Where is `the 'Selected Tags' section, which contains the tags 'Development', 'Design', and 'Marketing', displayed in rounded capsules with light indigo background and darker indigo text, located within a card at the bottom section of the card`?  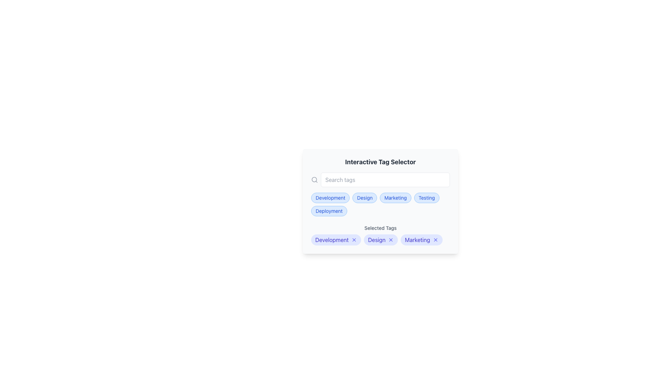
the 'Selected Tags' section, which contains the tags 'Development', 'Design', and 'Marketing', displayed in rounded capsules with light indigo background and darker indigo text, located within a card at the bottom section of the card is located at coordinates (380, 235).